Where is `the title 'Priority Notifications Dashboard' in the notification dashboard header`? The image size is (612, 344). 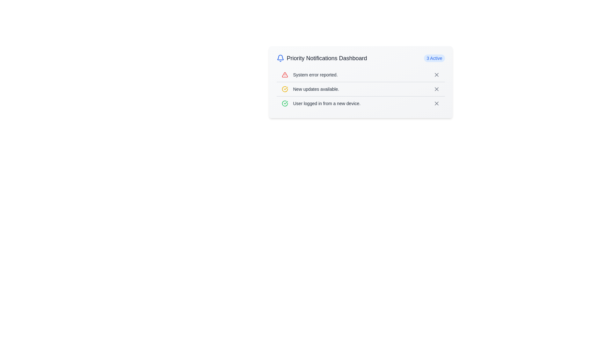 the title 'Priority Notifications Dashboard' in the notification dashboard header is located at coordinates (361, 58).